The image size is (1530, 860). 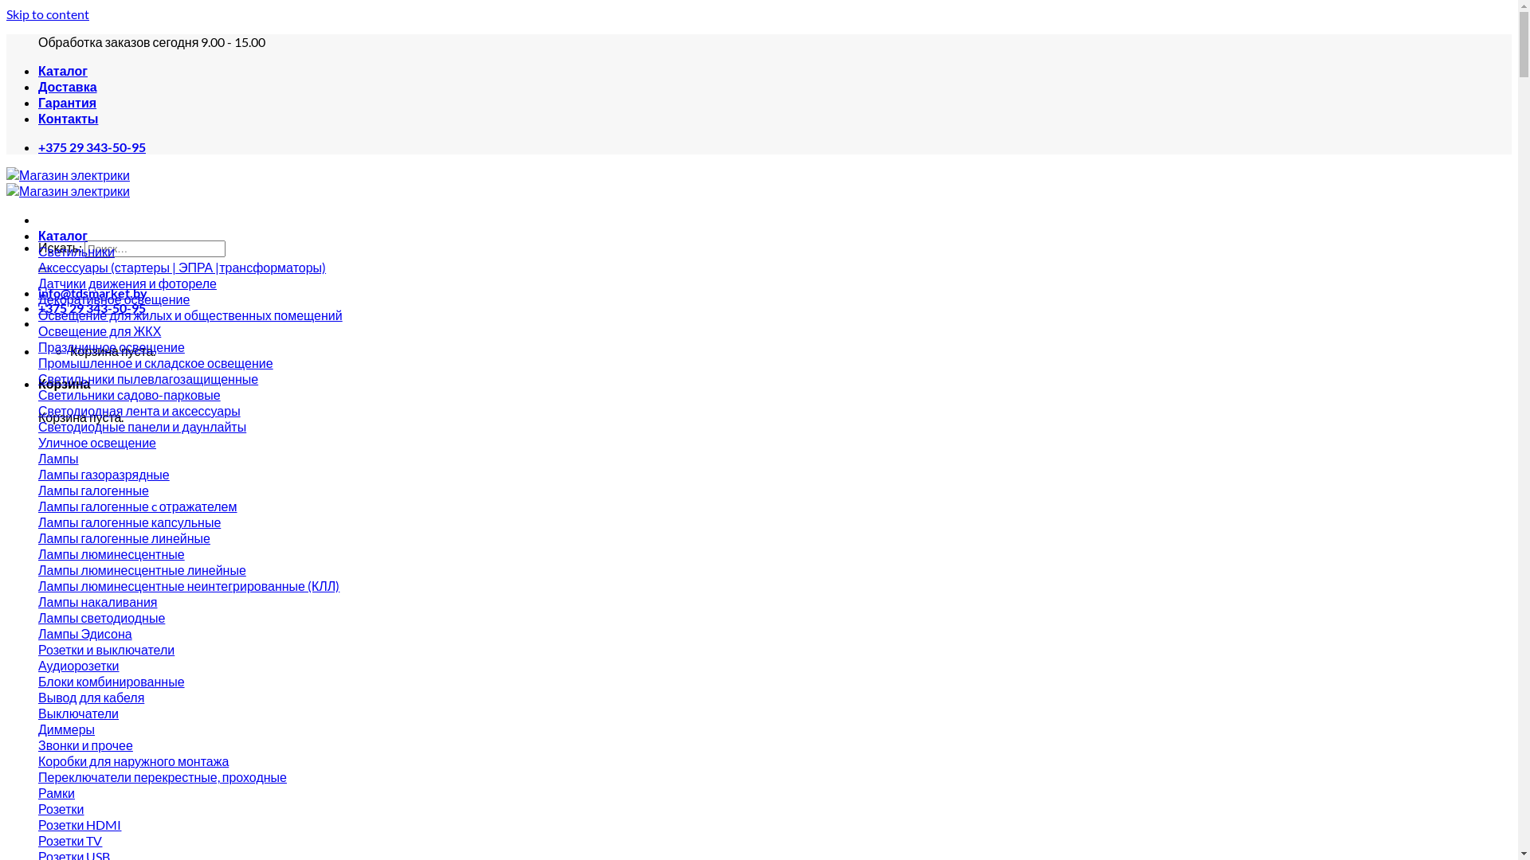 What do you see at coordinates (92, 292) in the screenshot?
I see `'info@tdsmarket.by'` at bounding box center [92, 292].